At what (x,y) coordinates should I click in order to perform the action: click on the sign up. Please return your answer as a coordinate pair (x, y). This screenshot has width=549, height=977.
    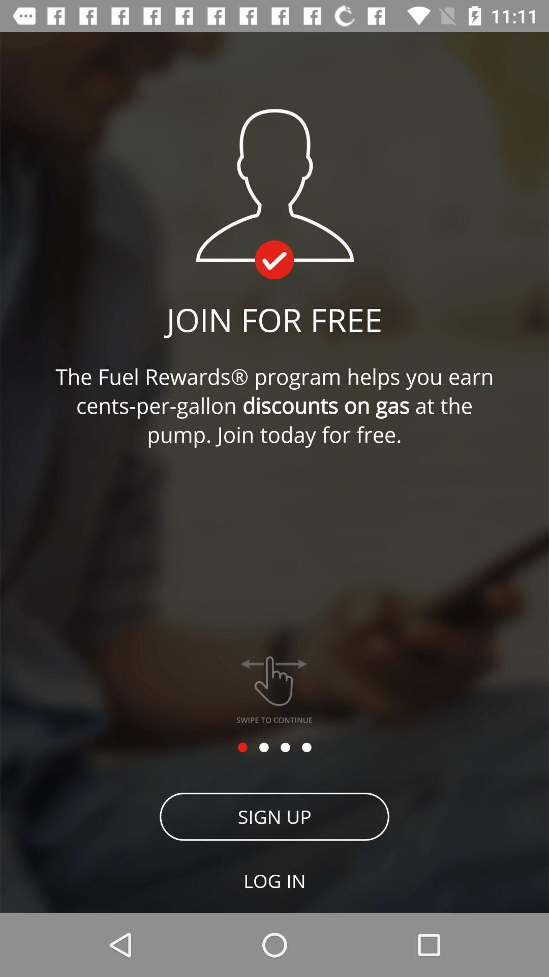
    Looking at the image, I should click on (274, 816).